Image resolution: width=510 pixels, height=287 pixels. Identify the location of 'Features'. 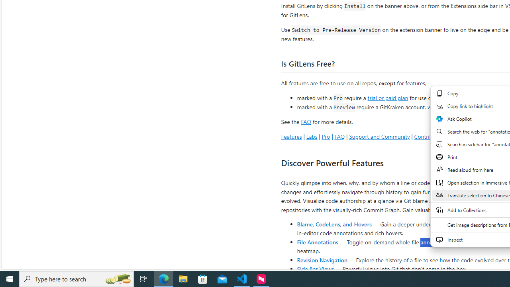
(291, 136).